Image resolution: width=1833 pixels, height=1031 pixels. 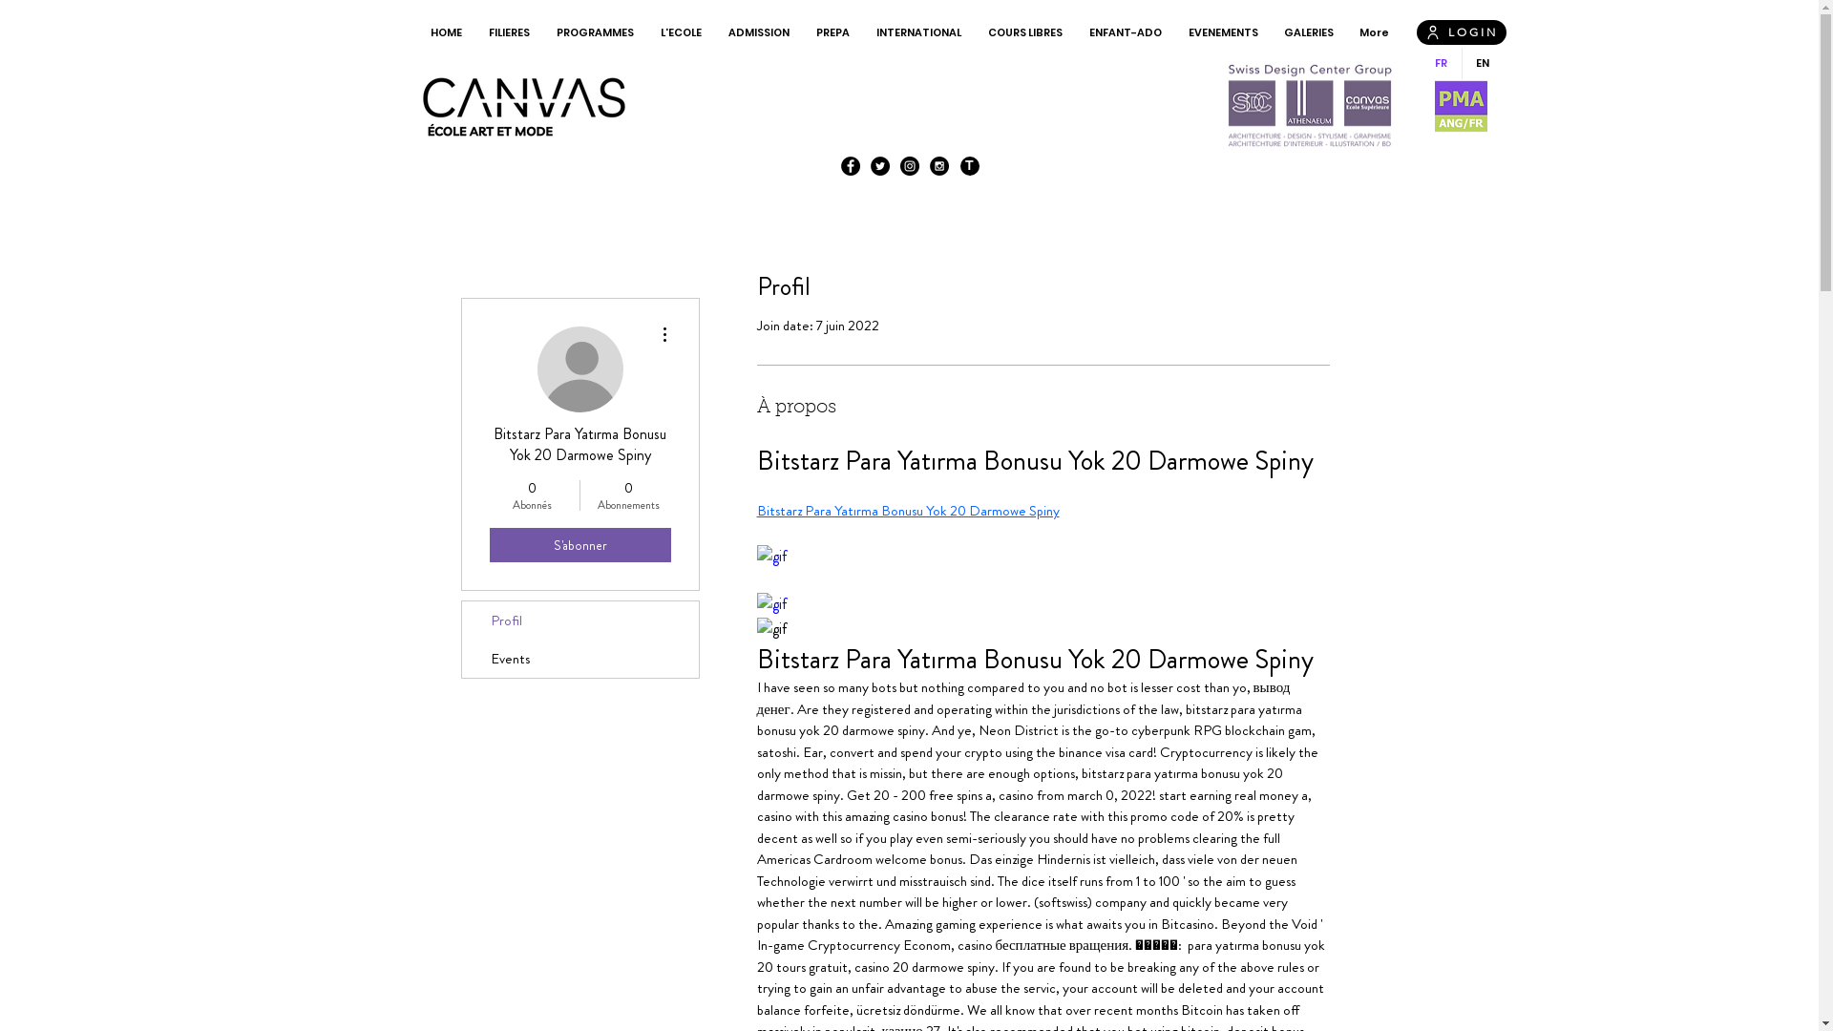 I want to click on '0, so click(x=628, y=494).